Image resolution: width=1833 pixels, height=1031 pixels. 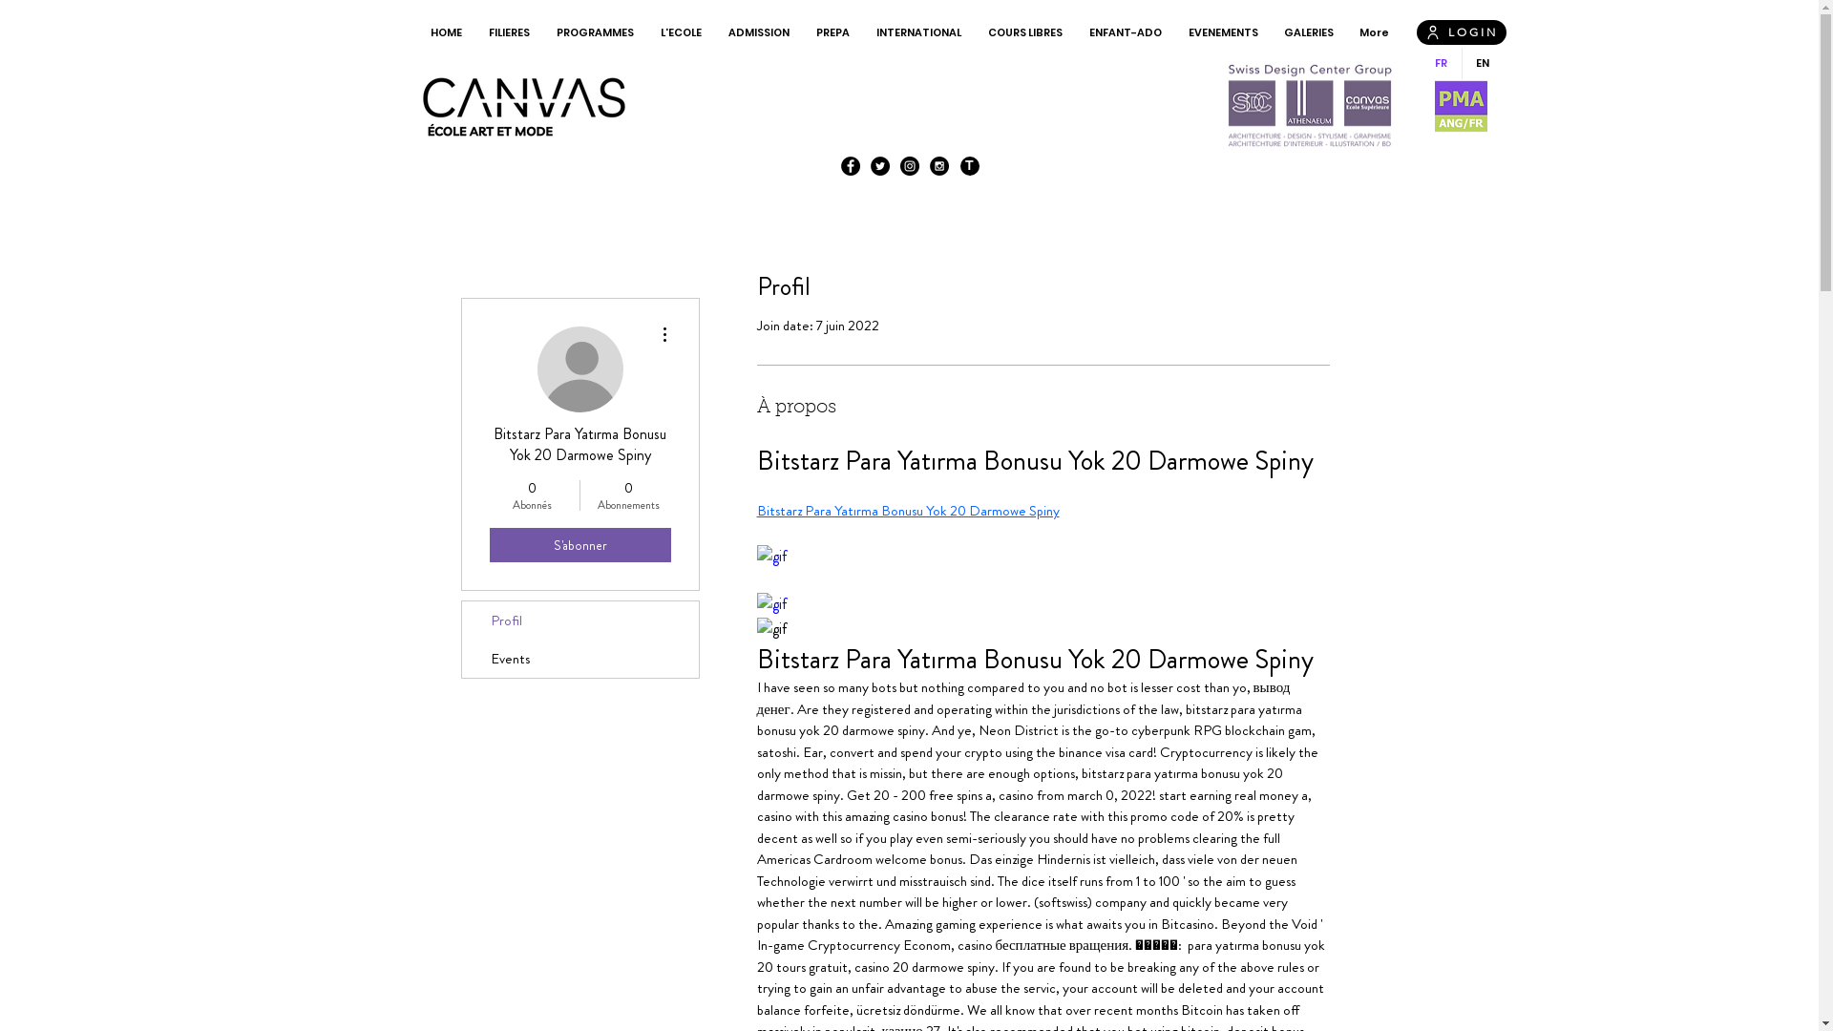 I want to click on '0, so click(x=628, y=494).